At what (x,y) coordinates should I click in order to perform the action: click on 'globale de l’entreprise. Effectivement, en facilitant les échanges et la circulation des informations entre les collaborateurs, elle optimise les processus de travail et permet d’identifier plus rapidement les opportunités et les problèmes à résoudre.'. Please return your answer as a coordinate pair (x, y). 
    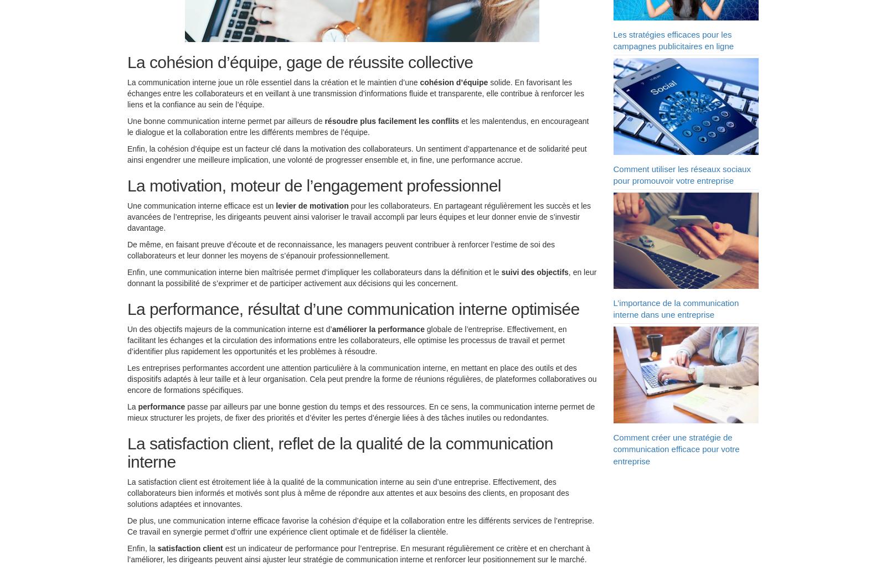
    Looking at the image, I should click on (127, 342).